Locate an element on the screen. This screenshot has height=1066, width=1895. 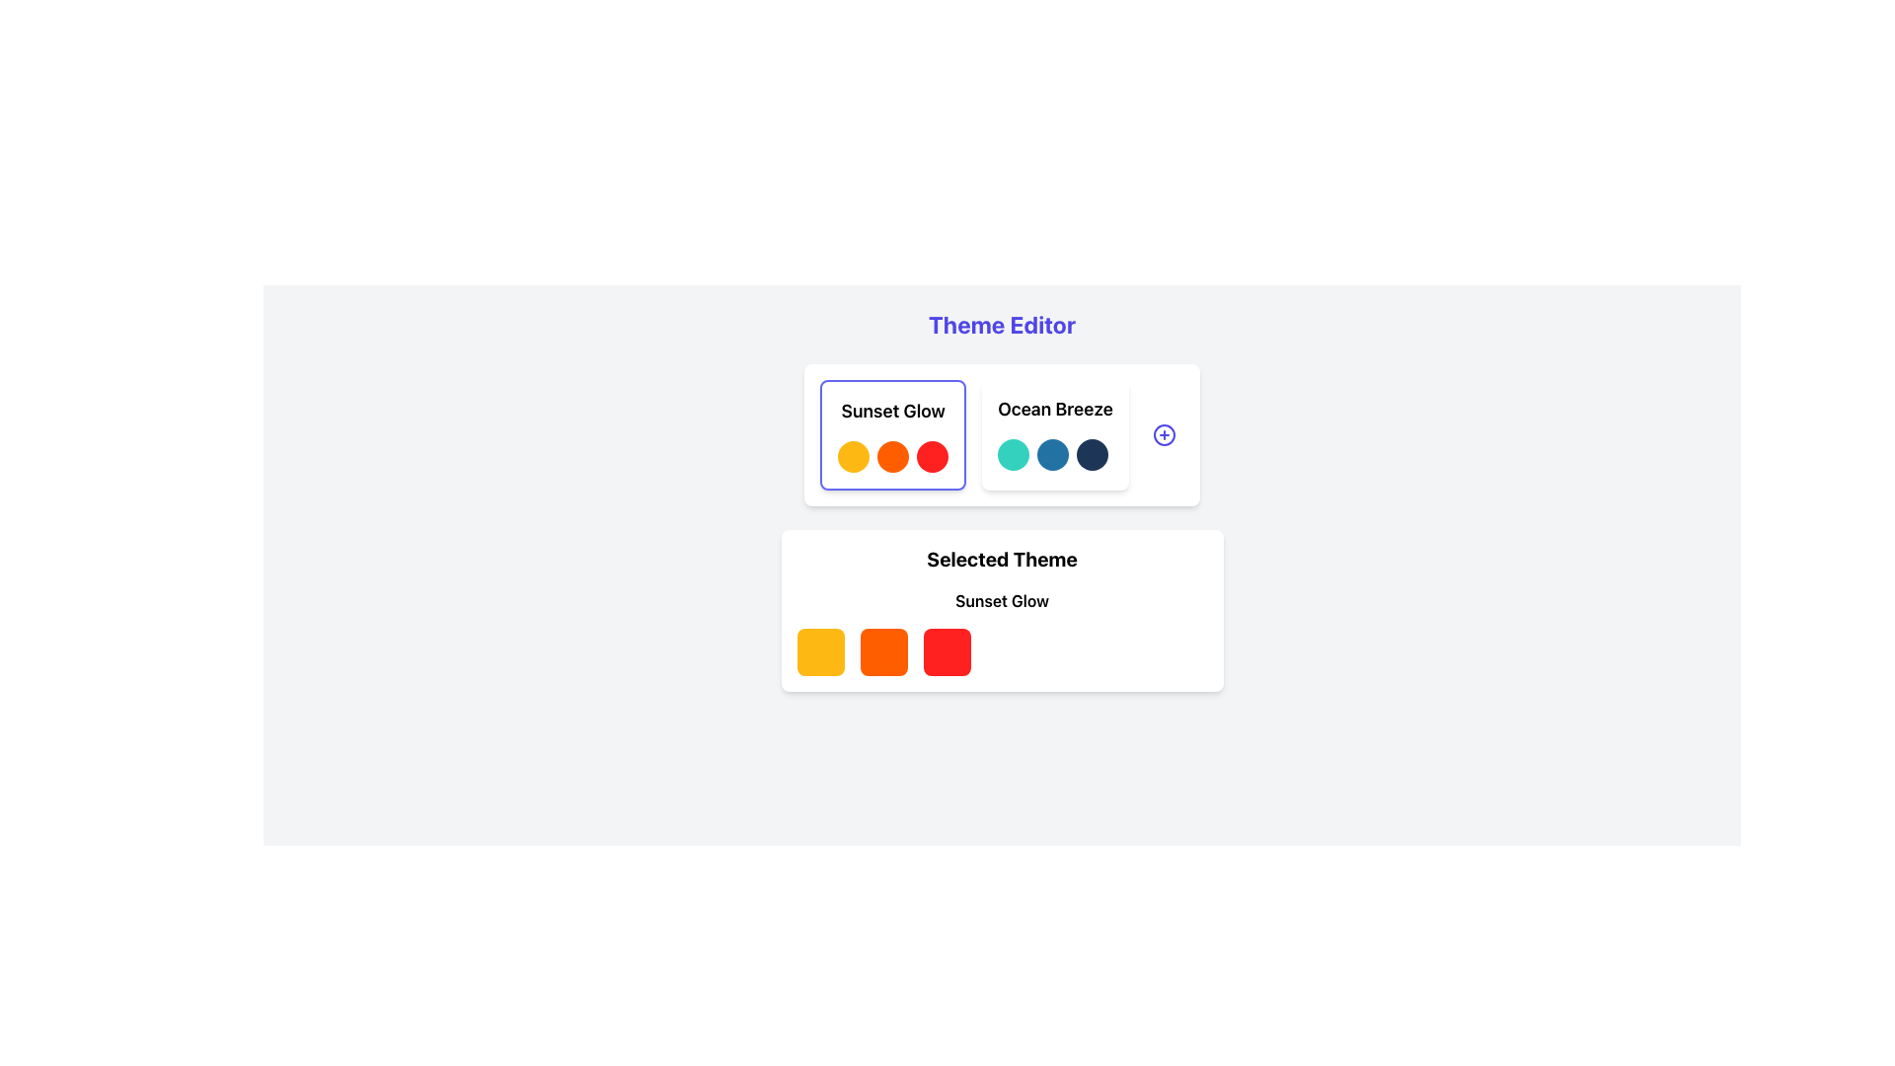
the third circular indicator in the 'Sunset Glow' theme selection group, which serves as a color indicator or theme selection option is located at coordinates (932, 456).